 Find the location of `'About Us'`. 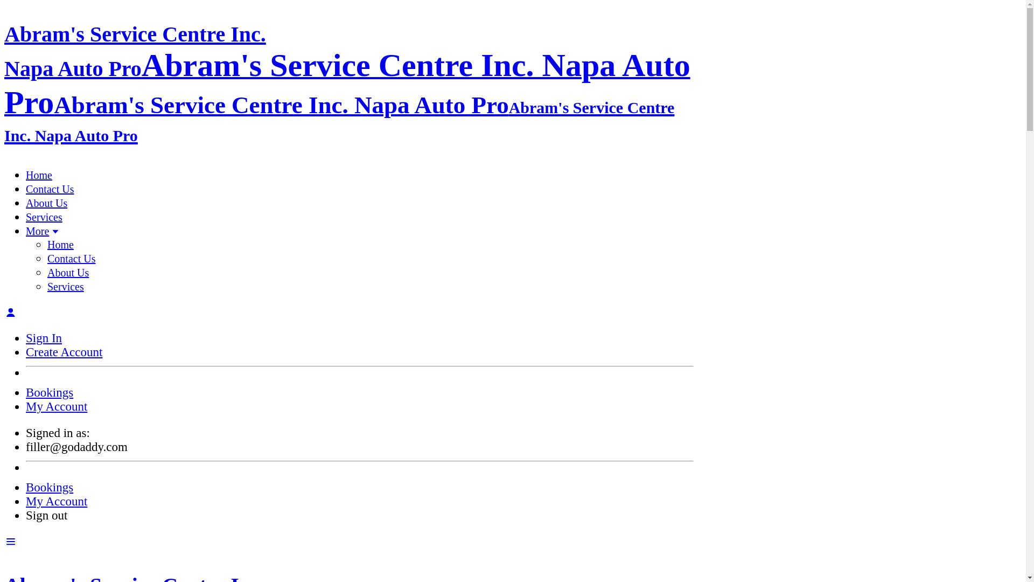

'About Us' is located at coordinates (46, 203).